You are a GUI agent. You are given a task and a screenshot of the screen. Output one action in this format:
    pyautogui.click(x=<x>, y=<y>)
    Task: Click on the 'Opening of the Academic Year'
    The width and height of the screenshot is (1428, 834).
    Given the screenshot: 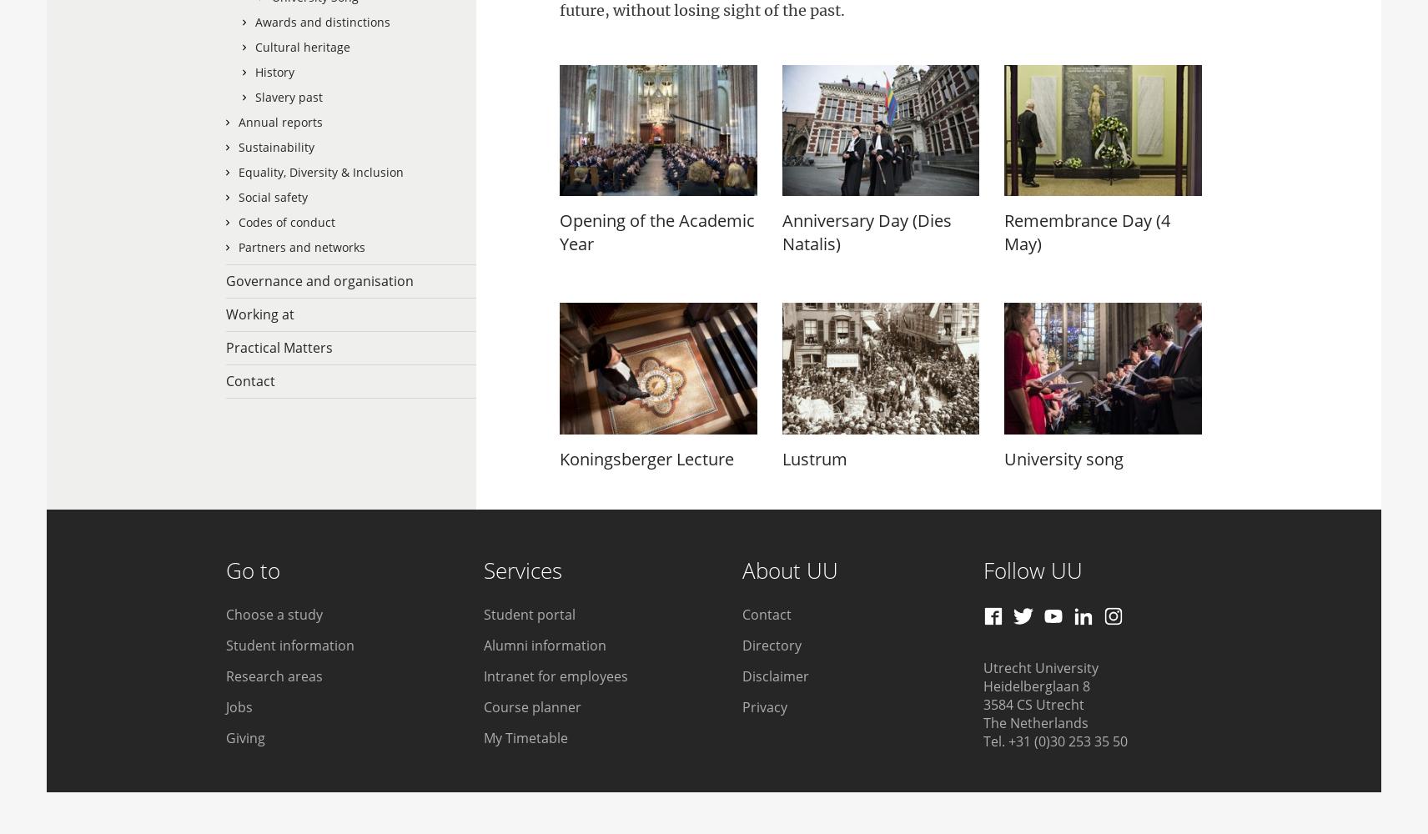 What is the action you would take?
    pyautogui.click(x=657, y=232)
    